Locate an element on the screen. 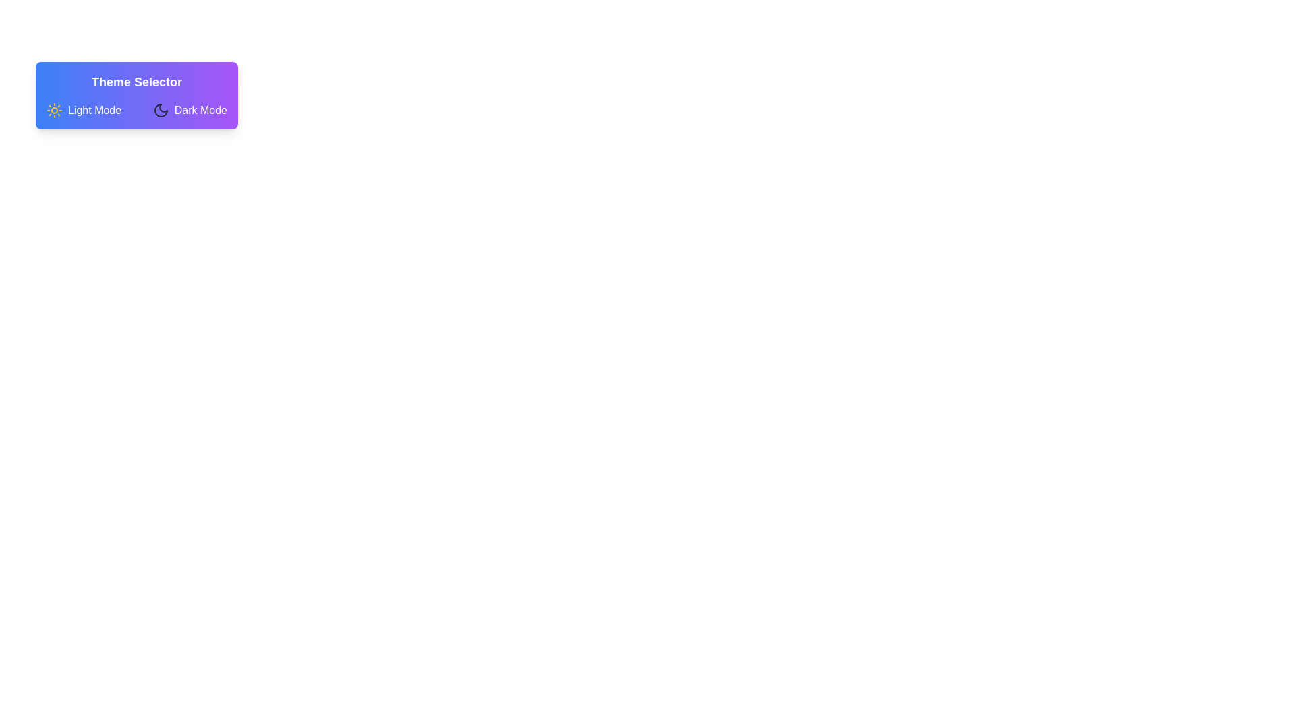 The height and width of the screenshot is (728, 1295). the dark mode toggle element, which combines an icon and a text label, located to the right of the 'Light Mode' option is located at coordinates (189, 110).